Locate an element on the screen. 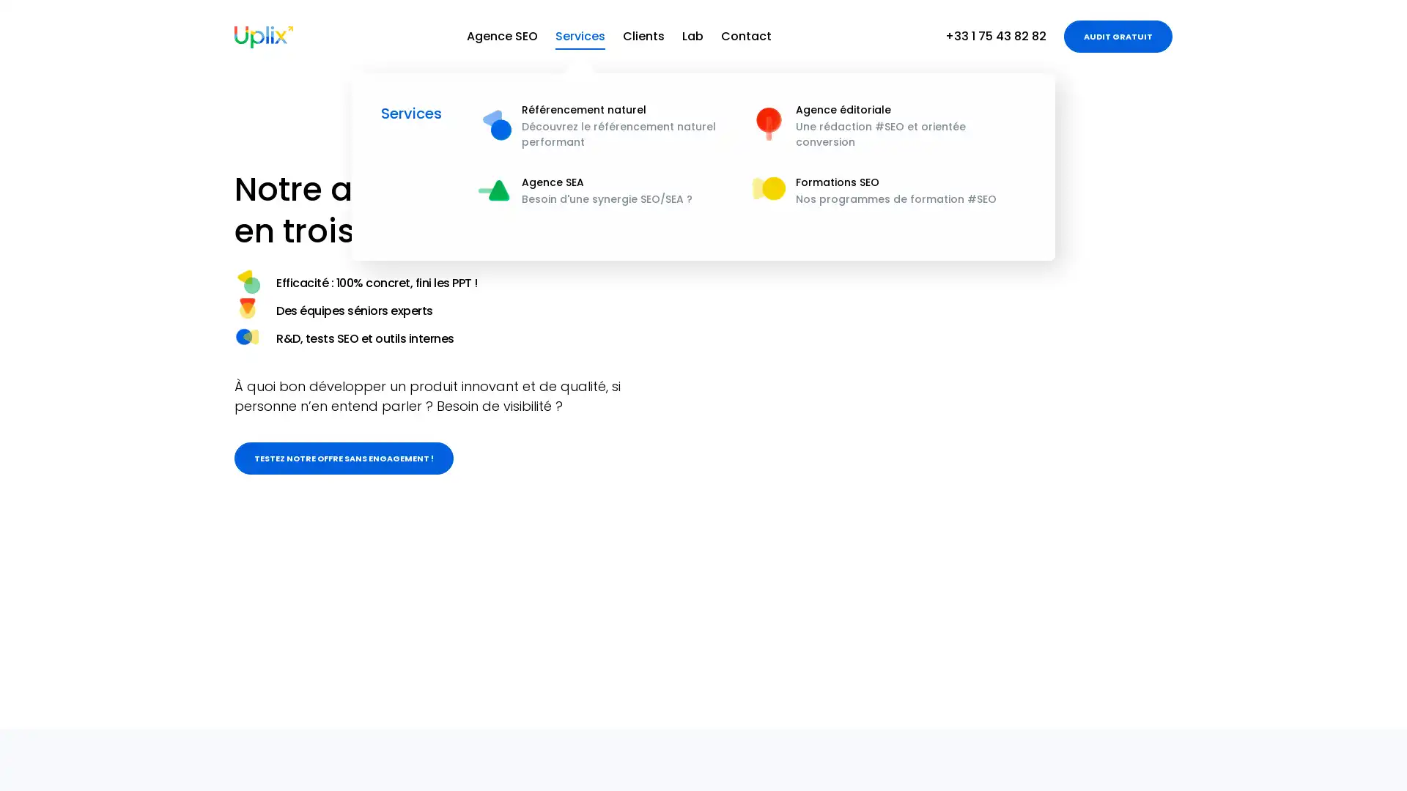 The height and width of the screenshot is (791, 1407). Non merci is located at coordinates (1135, 716).